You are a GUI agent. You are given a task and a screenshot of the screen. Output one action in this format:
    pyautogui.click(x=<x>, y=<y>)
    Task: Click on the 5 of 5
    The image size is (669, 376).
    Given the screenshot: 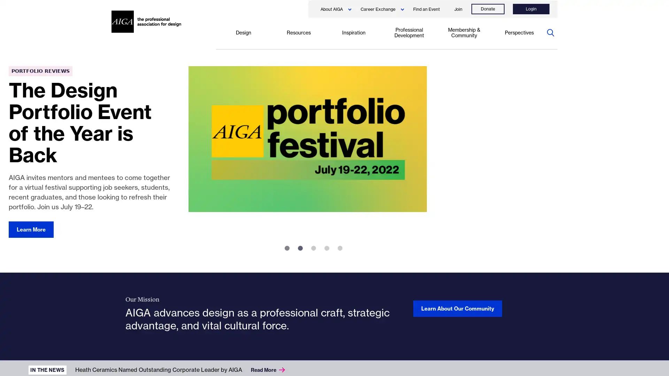 What is the action you would take?
    pyautogui.click(x=340, y=248)
    